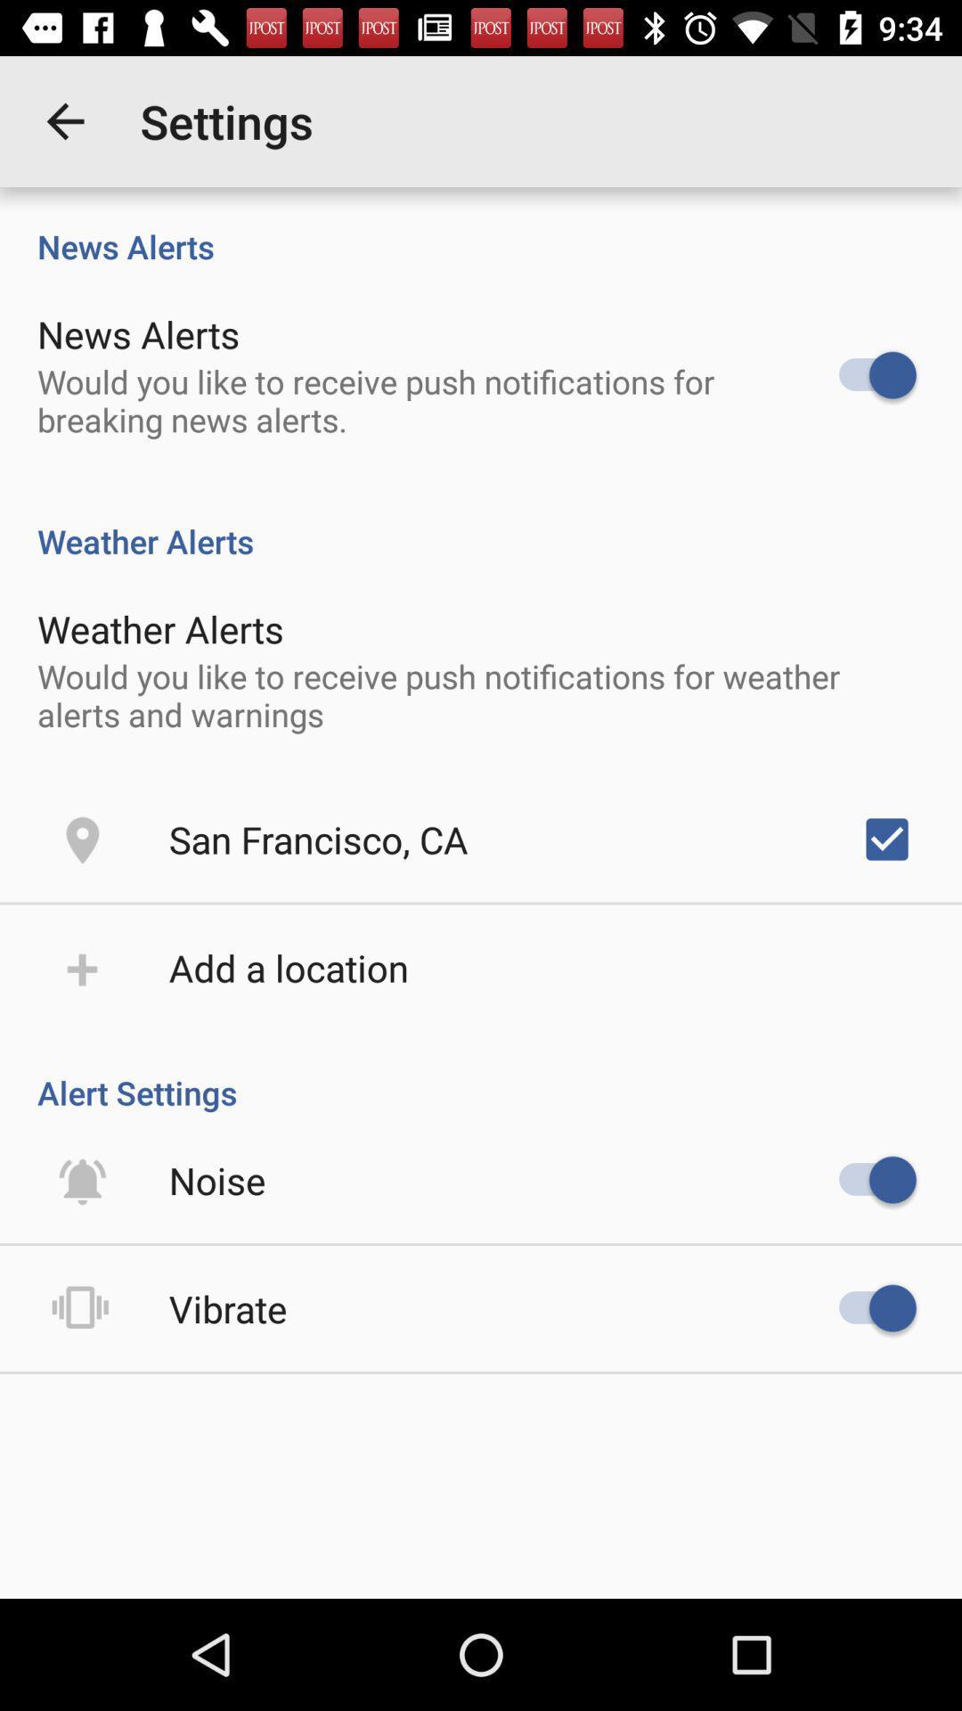 Image resolution: width=962 pixels, height=1711 pixels. Describe the element at coordinates (288, 966) in the screenshot. I see `the item below the san francisco, ca item` at that location.